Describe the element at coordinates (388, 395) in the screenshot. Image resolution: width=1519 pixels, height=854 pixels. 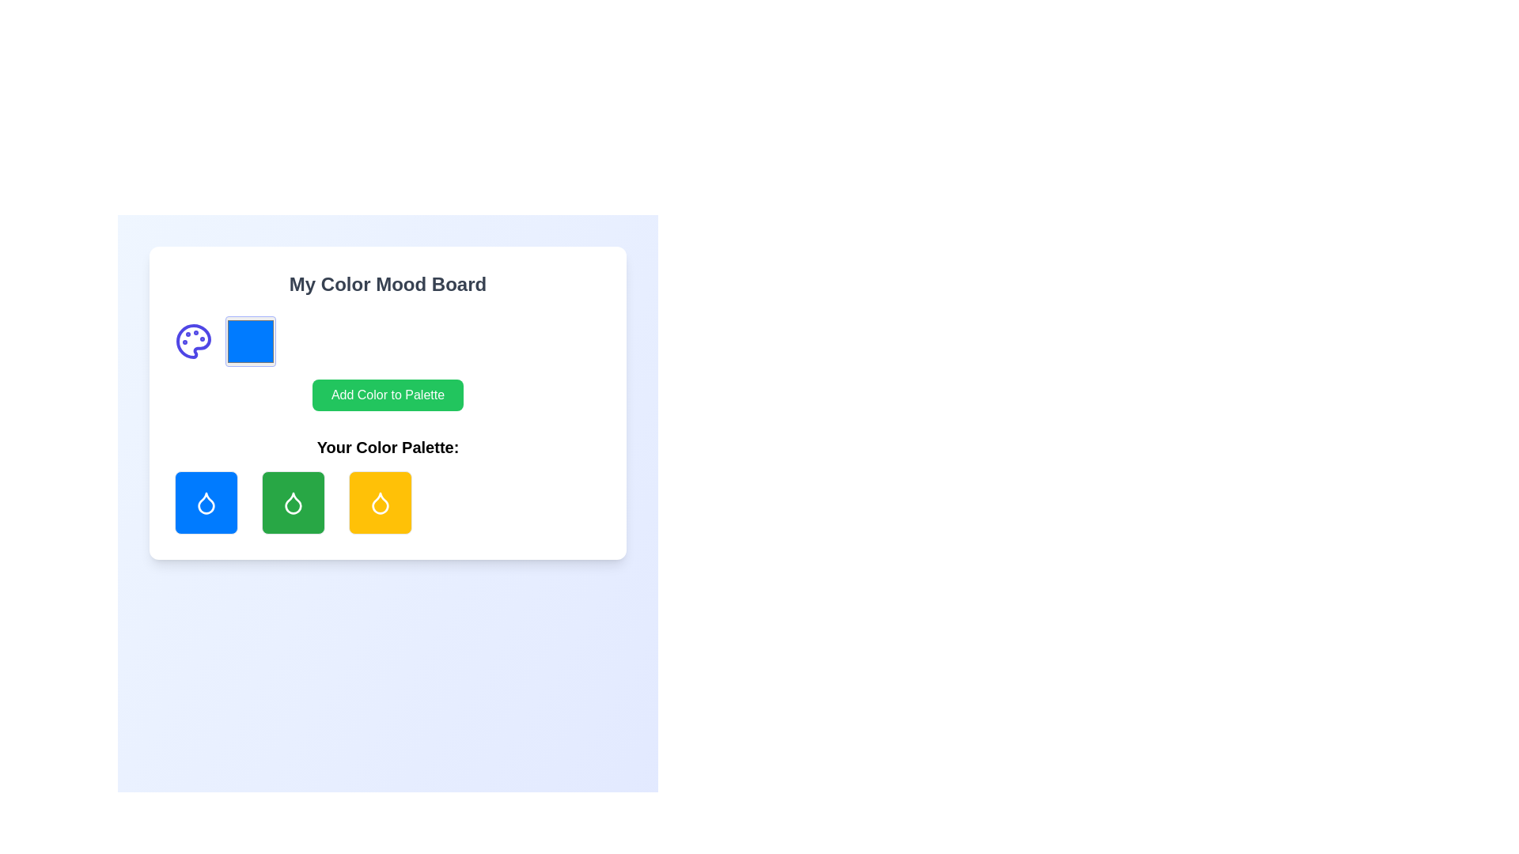
I see `the button that allows users to add a new color to their color mood board, which is located below the title 'My Color Mood Board' and above the section 'Your Color Palette'` at that location.